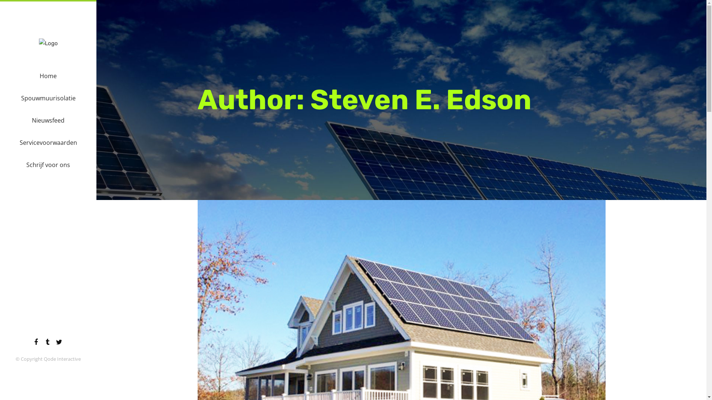 Image resolution: width=712 pixels, height=400 pixels. What do you see at coordinates (47, 98) in the screenshot?
I see `'Spouwmuurisolatie'` at bounding box center [47, 98].